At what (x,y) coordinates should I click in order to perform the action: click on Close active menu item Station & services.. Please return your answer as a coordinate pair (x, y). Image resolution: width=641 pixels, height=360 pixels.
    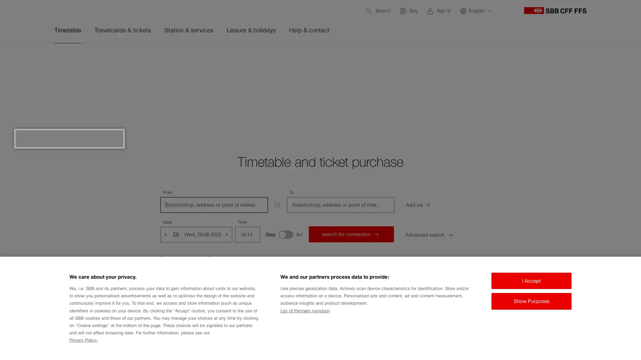
    Looking at the image, I should click on (594, 59).